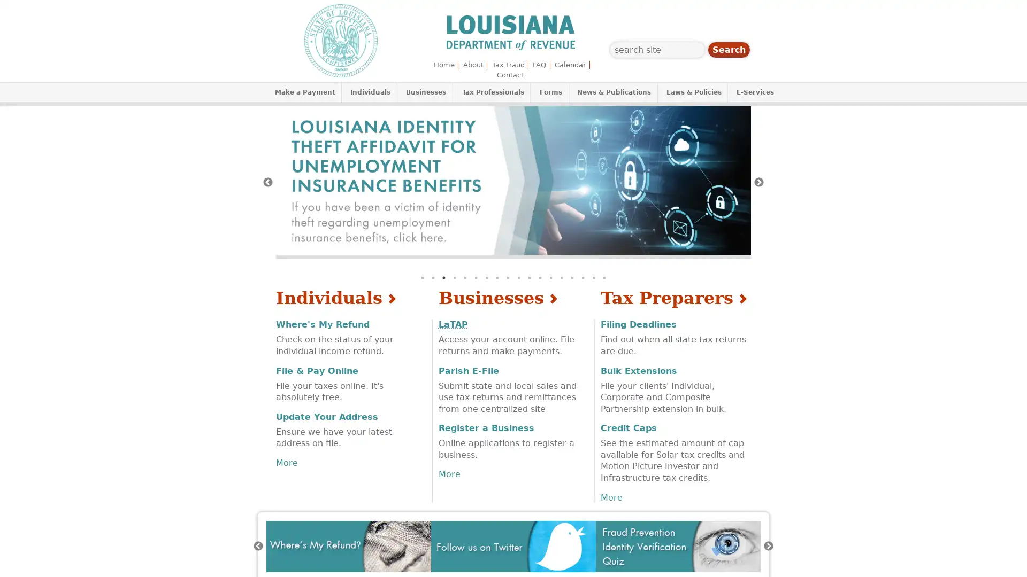 The height and width of the screenshot is (577, 1027). Describe the element at coordinates (604, 277) in the screenshot. I see `18` at that location.